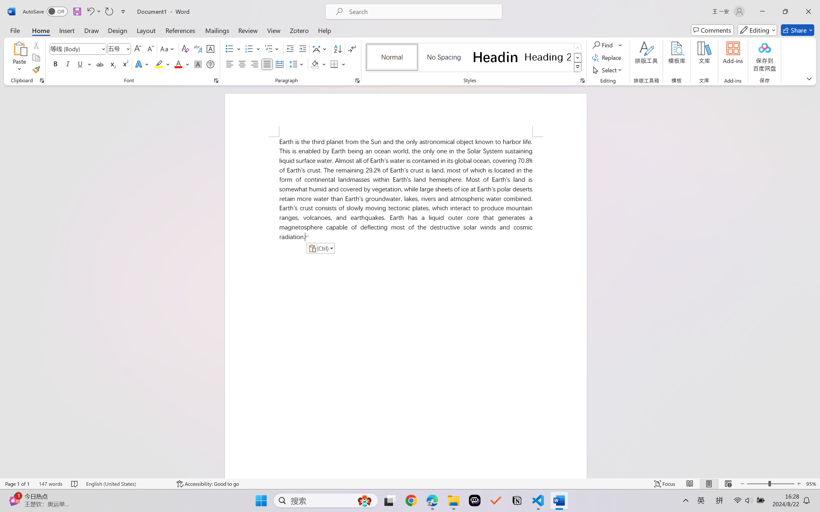 This screenshot has height=512, width=820. I want to click on 'Strikethrough', so click(100, 64).